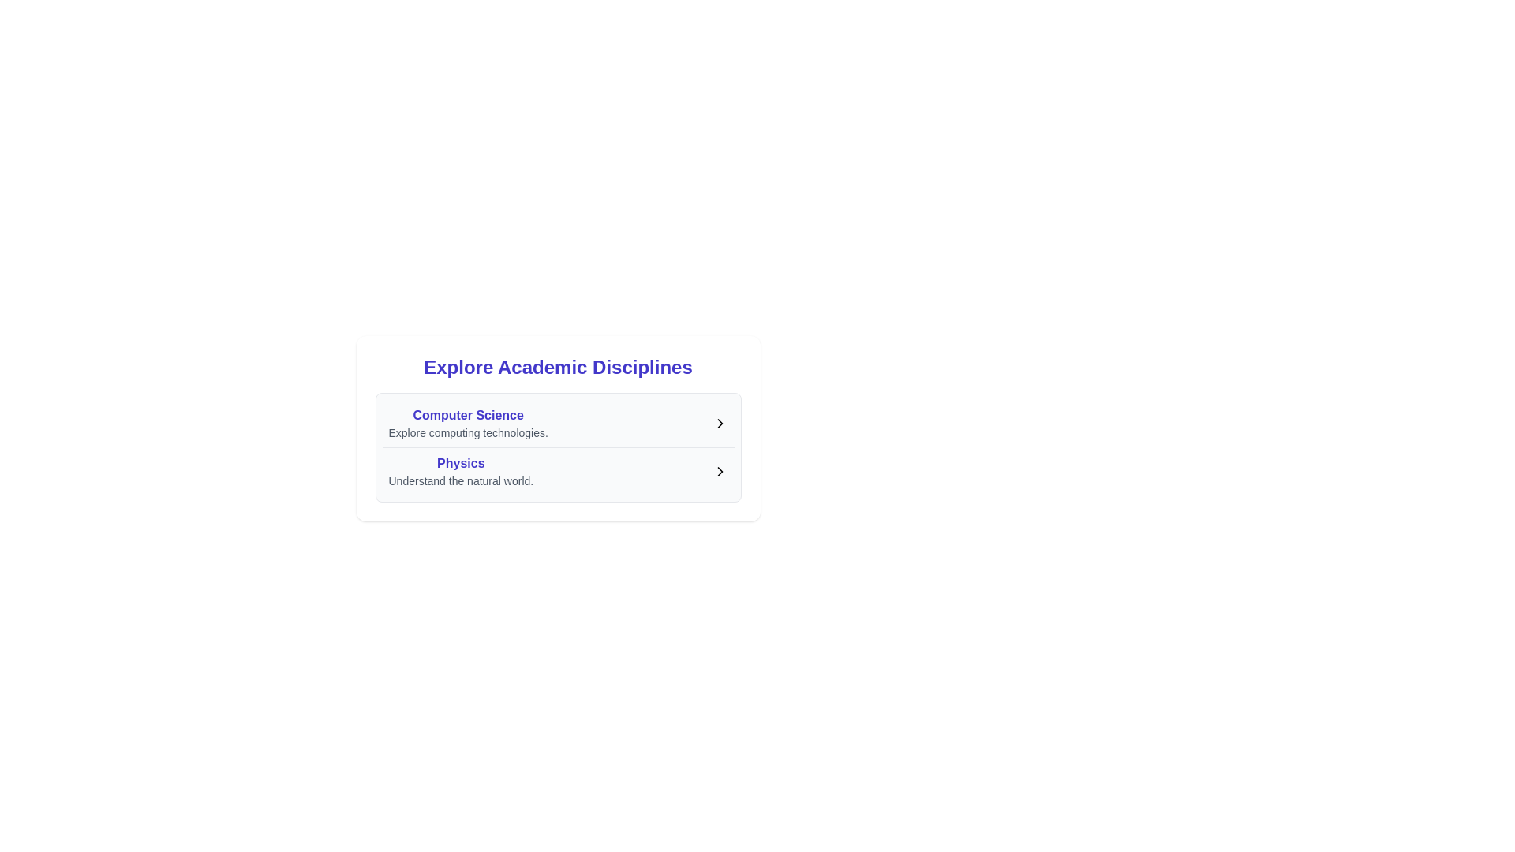 Image resolution: width=1515 pixels, height=852 pixels. I want to click on the chevron icon located to the right of the 'Computer Science' entry, so click(719, 422).